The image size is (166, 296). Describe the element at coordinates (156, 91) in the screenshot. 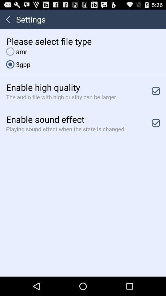

I see `high quality audio` at that location.